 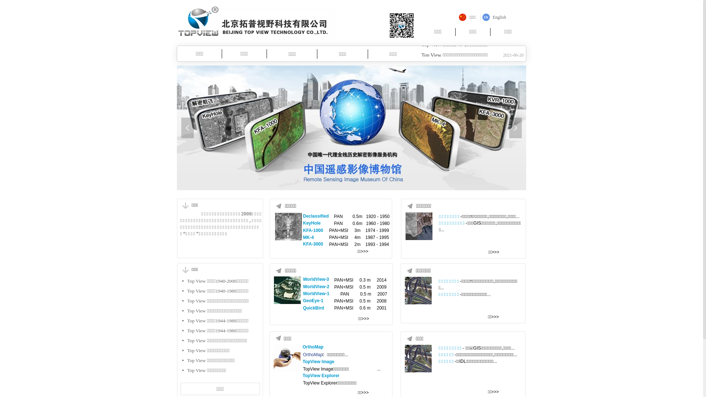 I want to click on 'WorldView-2', so click(x=316, y=286).